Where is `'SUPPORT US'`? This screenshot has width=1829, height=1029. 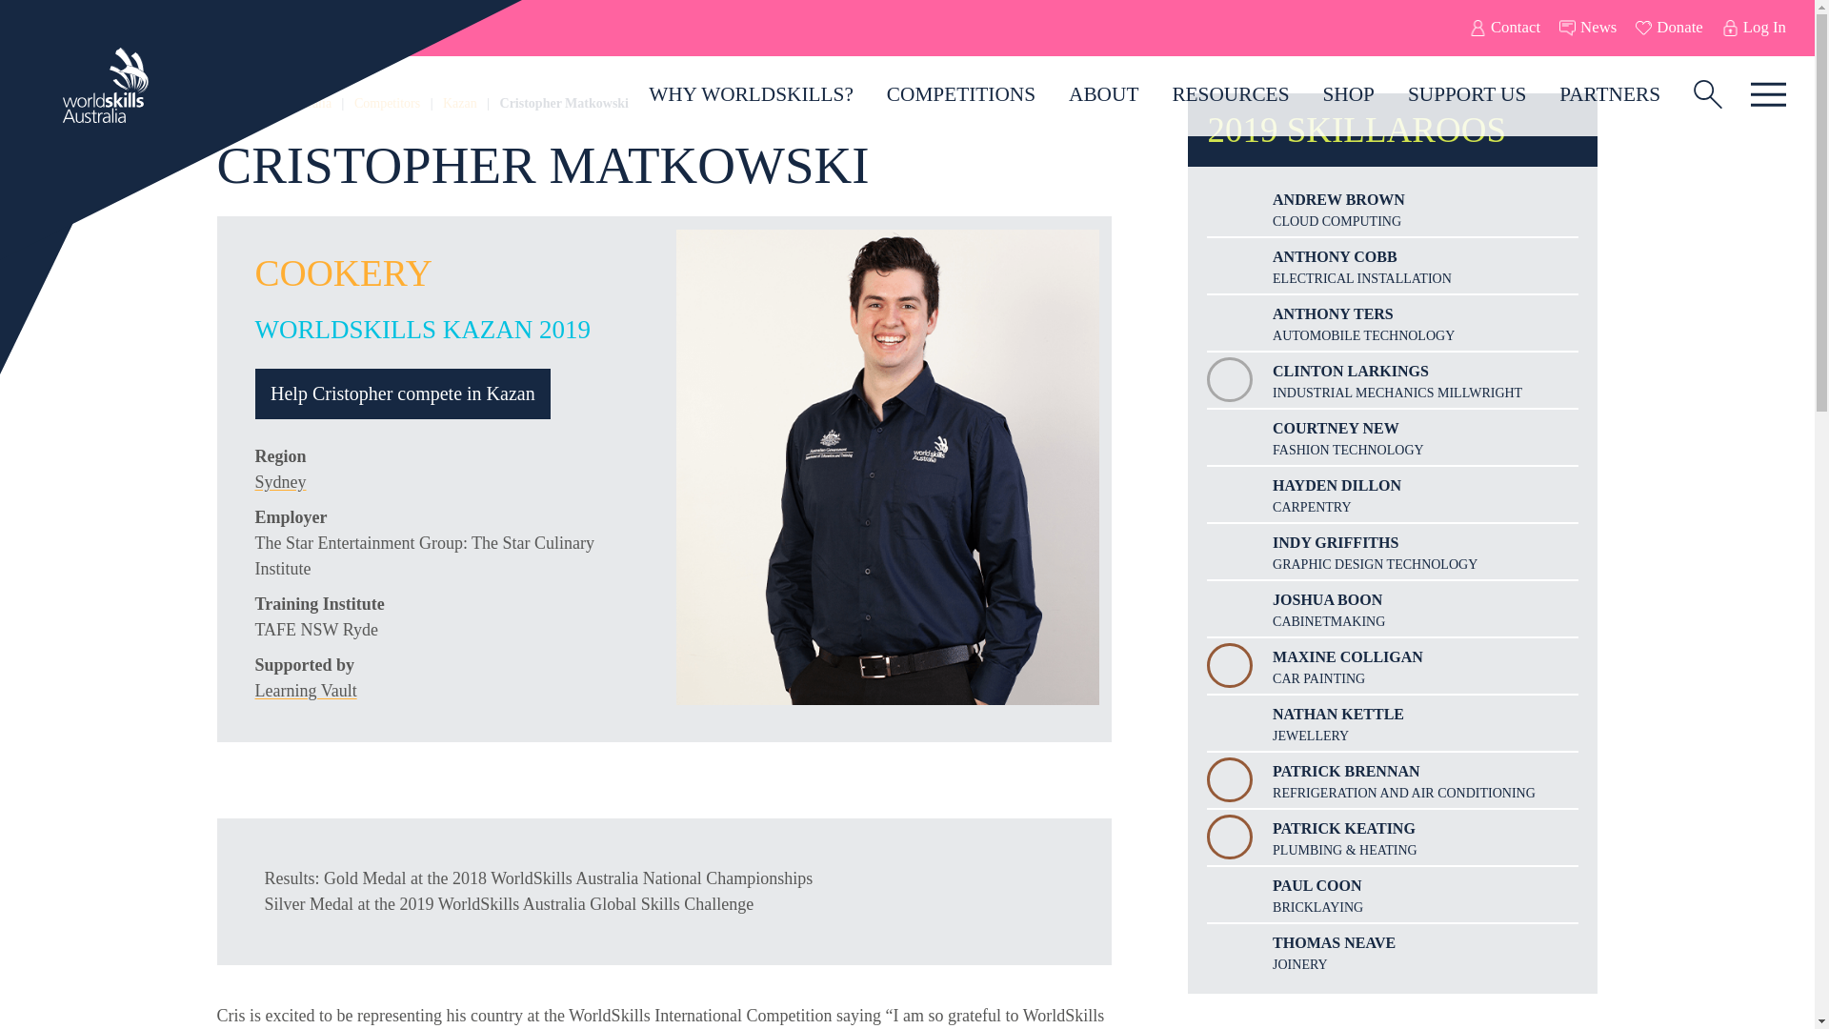 'SUPPORT US' is located at coordinates (1390, 94).